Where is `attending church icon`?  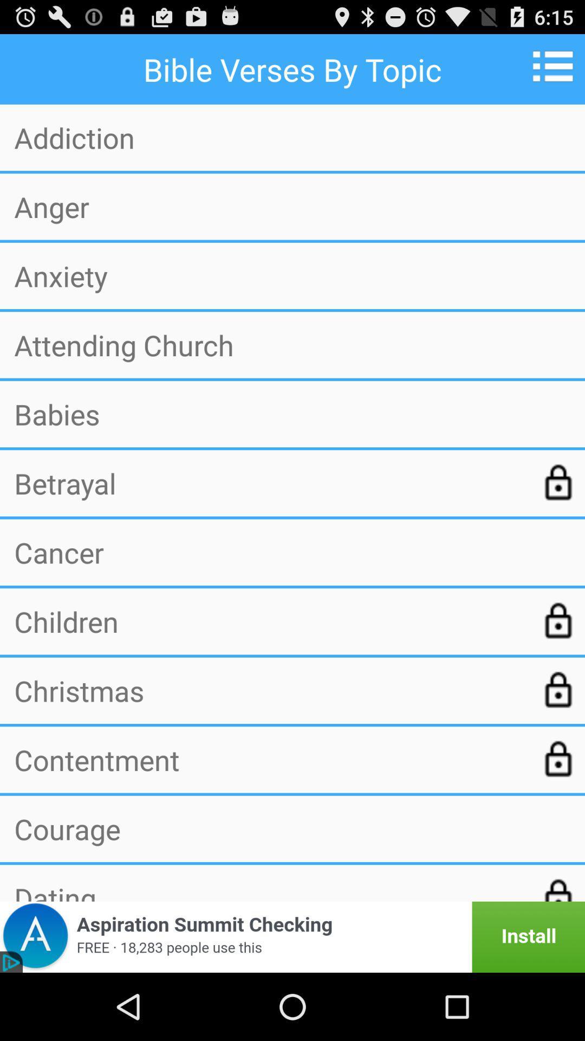
attending church icon is located at coordinates (292, 344).